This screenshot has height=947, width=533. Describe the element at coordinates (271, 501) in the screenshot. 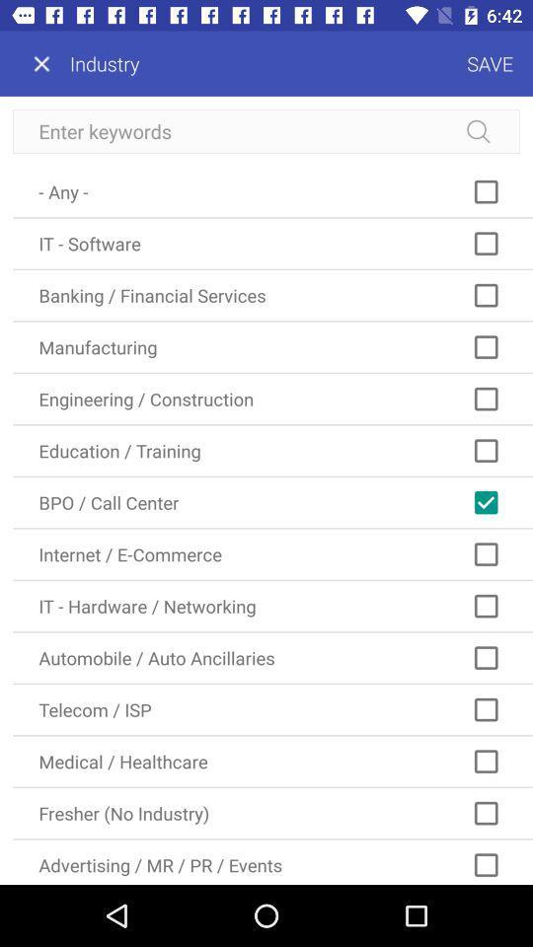

I see `the icon below education / training item` at that location.